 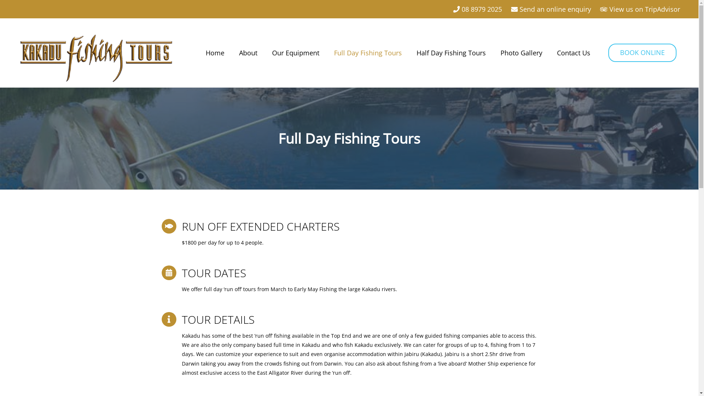 I want to click on 'Photo Gallery', so click(x=521, y=52).